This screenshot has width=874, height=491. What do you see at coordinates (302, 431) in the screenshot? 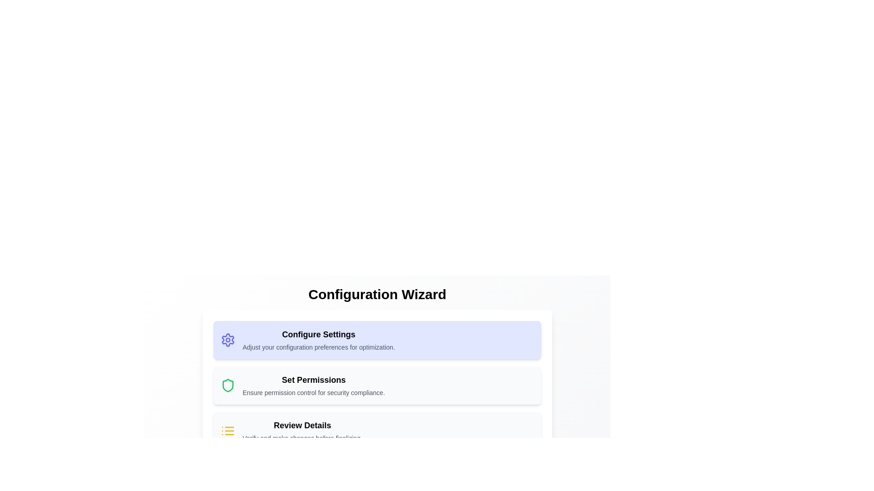
I see `text displayed in the card titled 'Review Details' with the subtitle 'Verify and make changes before finalizing.' This card is the third in a vertical list under the heading 'Configuration Wizard.'` at bounding box center [302, 431].